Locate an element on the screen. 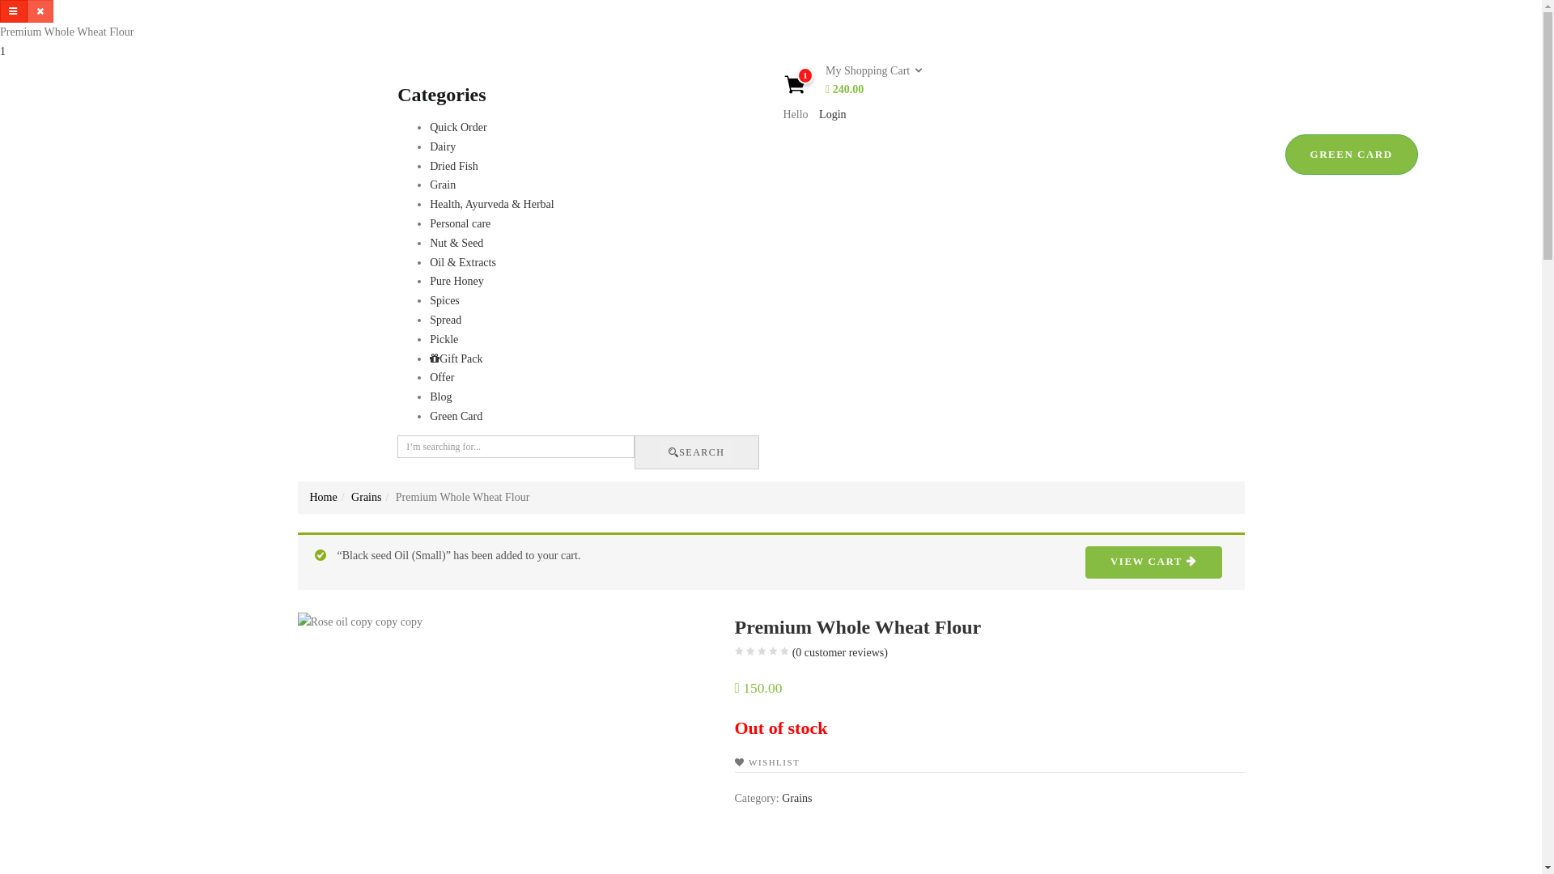 The height and width of the screenshot is (874, 1554). 'Oil & Extracts' is located at coordinates (461, 261).